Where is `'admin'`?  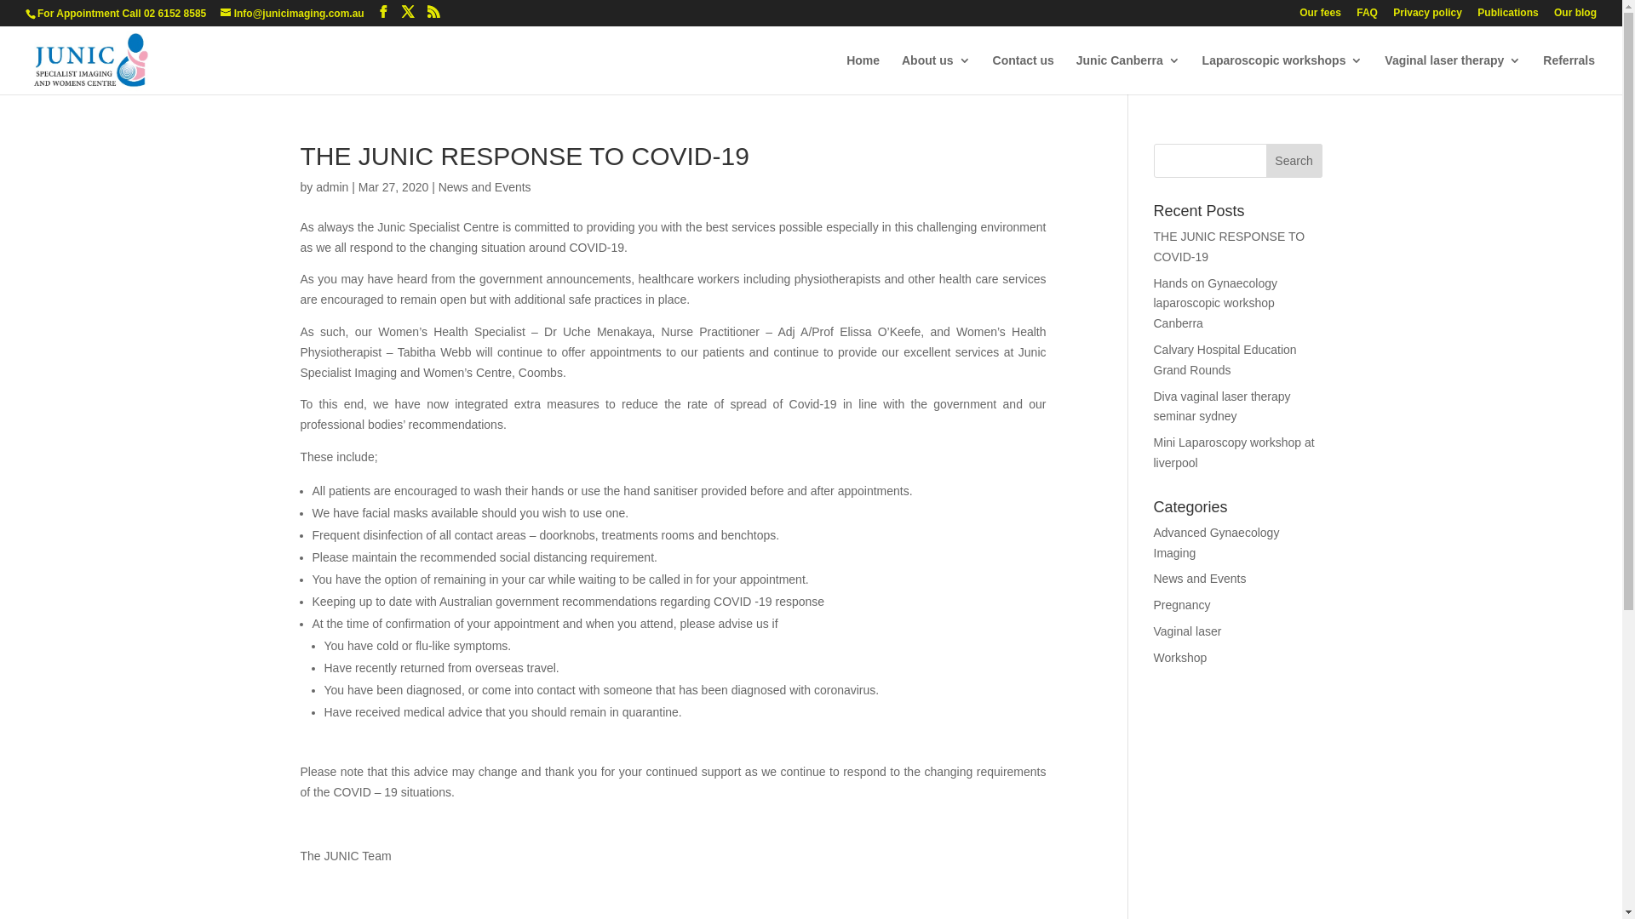 'admin' is located at coordinates (331, 186).